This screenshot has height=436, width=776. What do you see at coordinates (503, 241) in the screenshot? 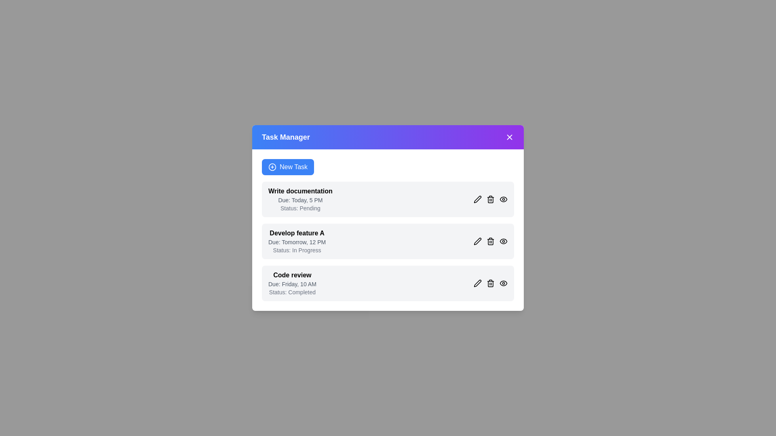
I see `'View' button next to the task titled 'Develop feature A' to view its details` at bounding box center [503, 241].